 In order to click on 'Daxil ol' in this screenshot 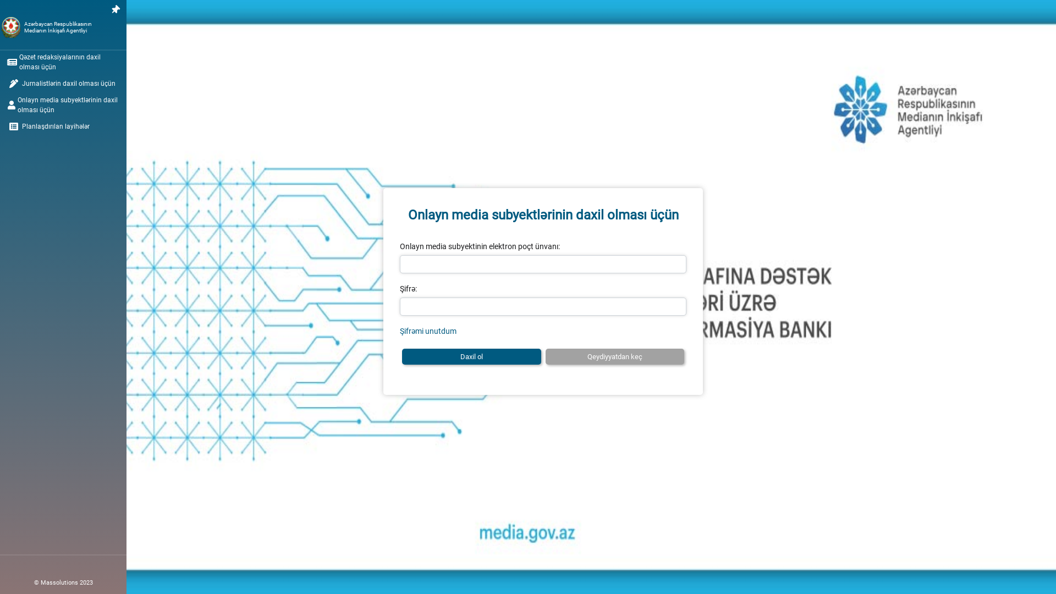, I will do `click(471, 356)`.